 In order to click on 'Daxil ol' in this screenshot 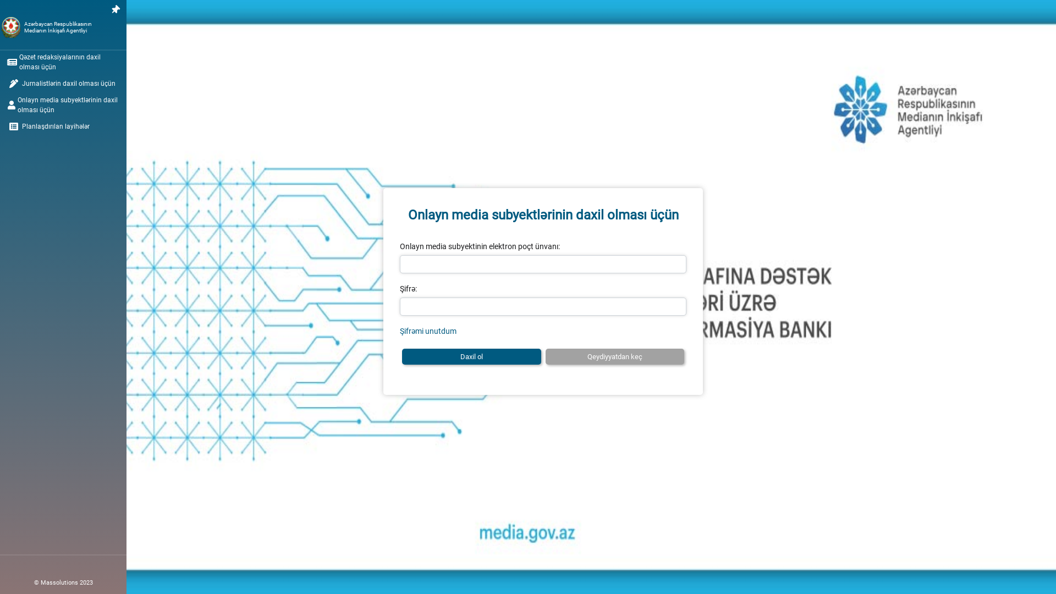, I will do `click(471, 356)`.